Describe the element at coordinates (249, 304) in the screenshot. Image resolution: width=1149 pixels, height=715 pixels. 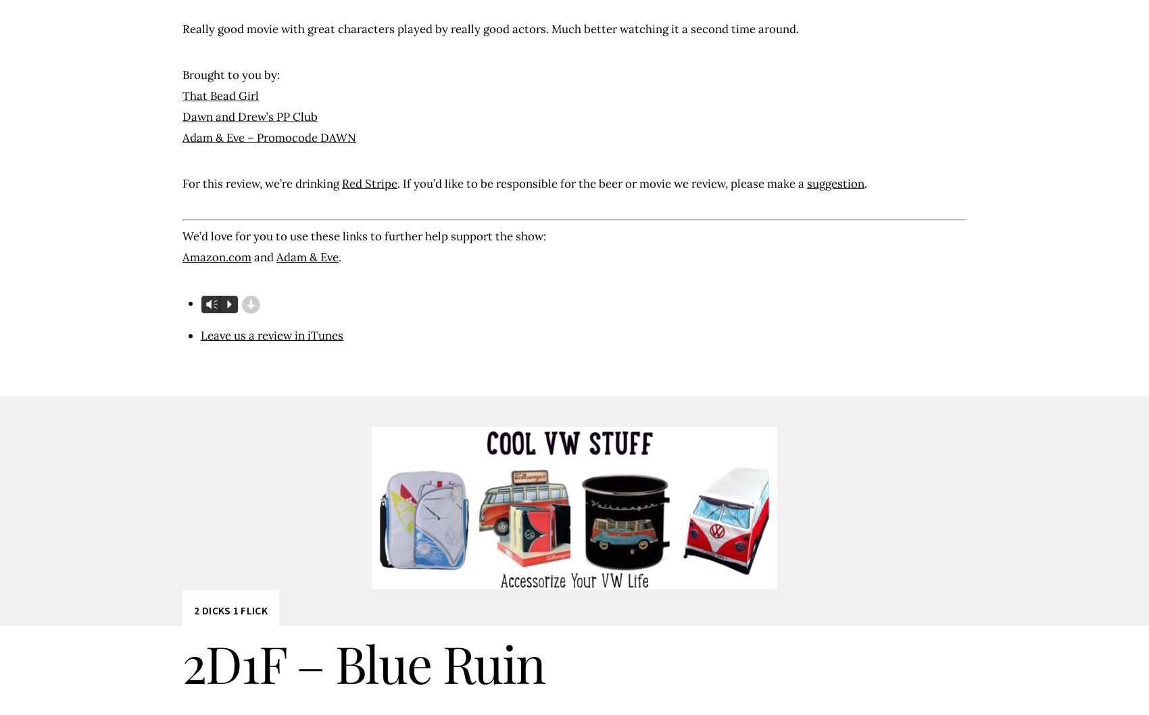
I see `'d'` at that location.